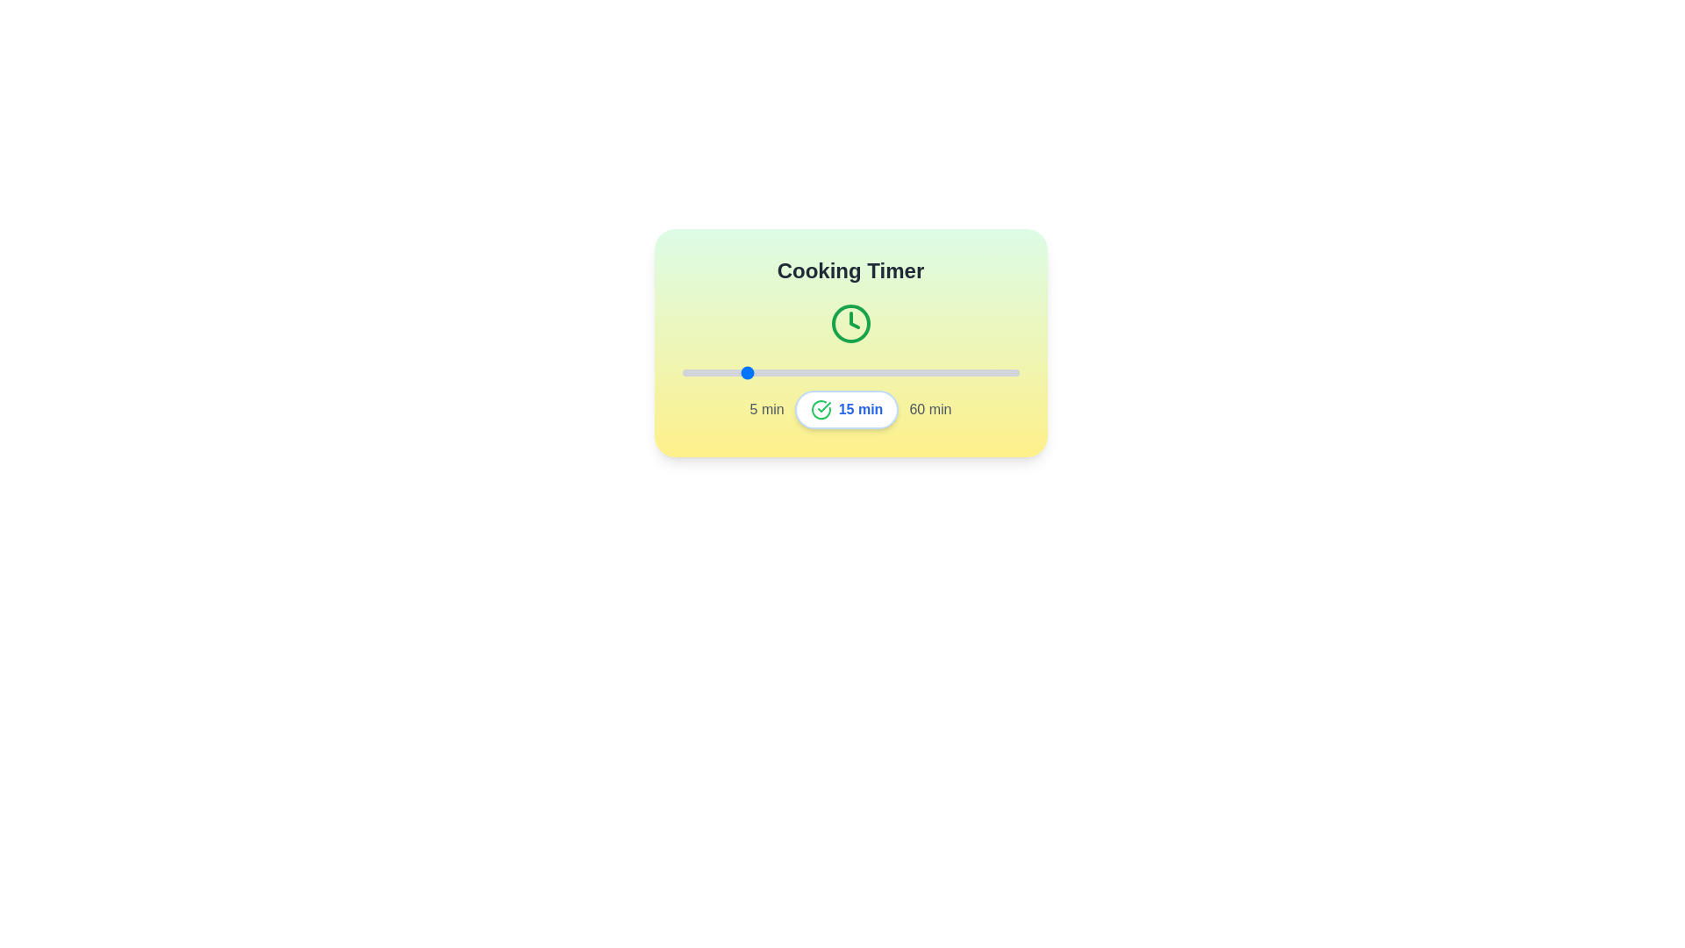 The image size is (1685, 948). I want to click on the text label reading '5 min' which is styled in medium gray font and located below a slider component in the lower part of the interface, so click(767, 409).